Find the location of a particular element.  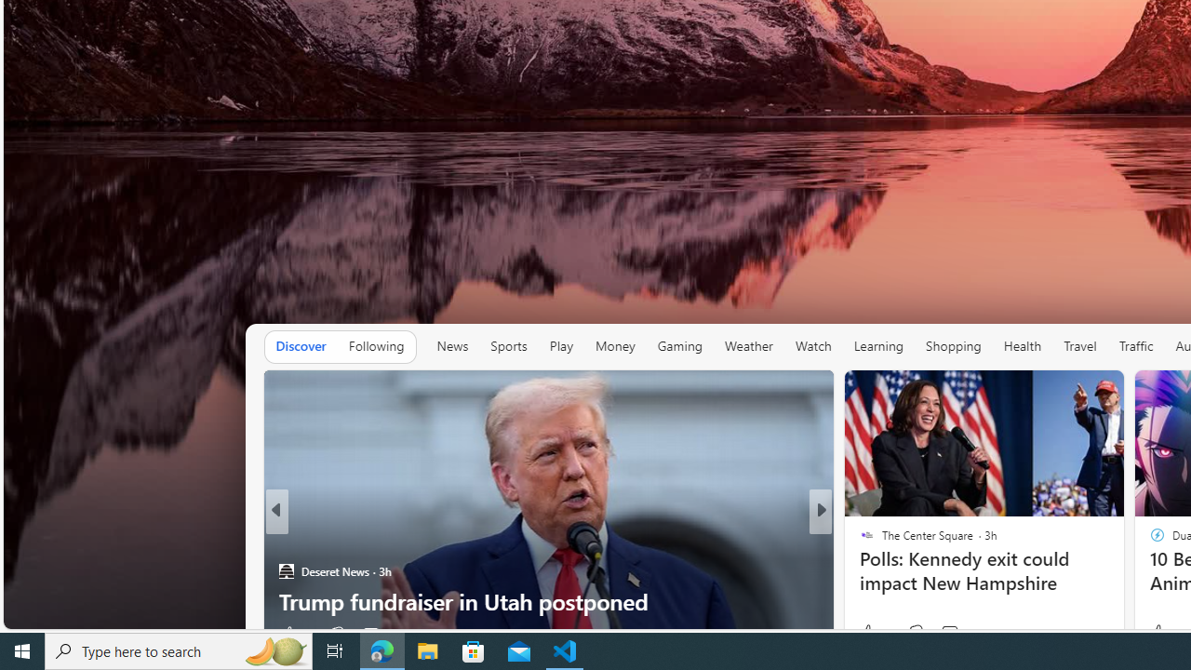

'319 Like' is located at coordinates (870, 633).